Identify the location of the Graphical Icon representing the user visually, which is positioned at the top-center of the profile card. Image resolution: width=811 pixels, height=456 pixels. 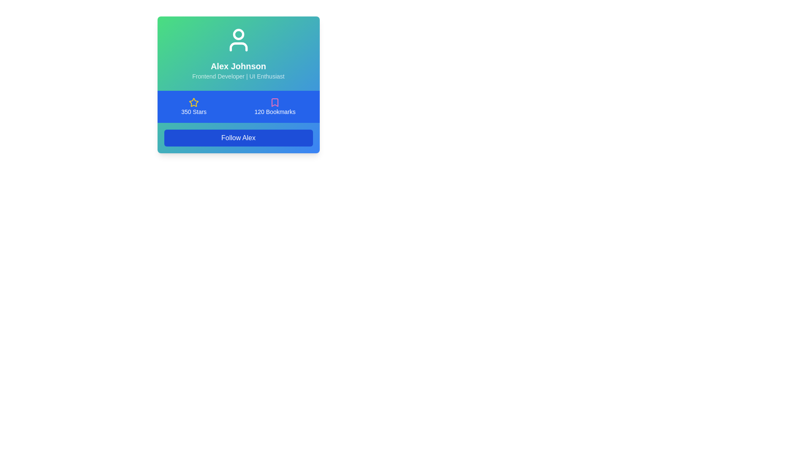
(238, 40).